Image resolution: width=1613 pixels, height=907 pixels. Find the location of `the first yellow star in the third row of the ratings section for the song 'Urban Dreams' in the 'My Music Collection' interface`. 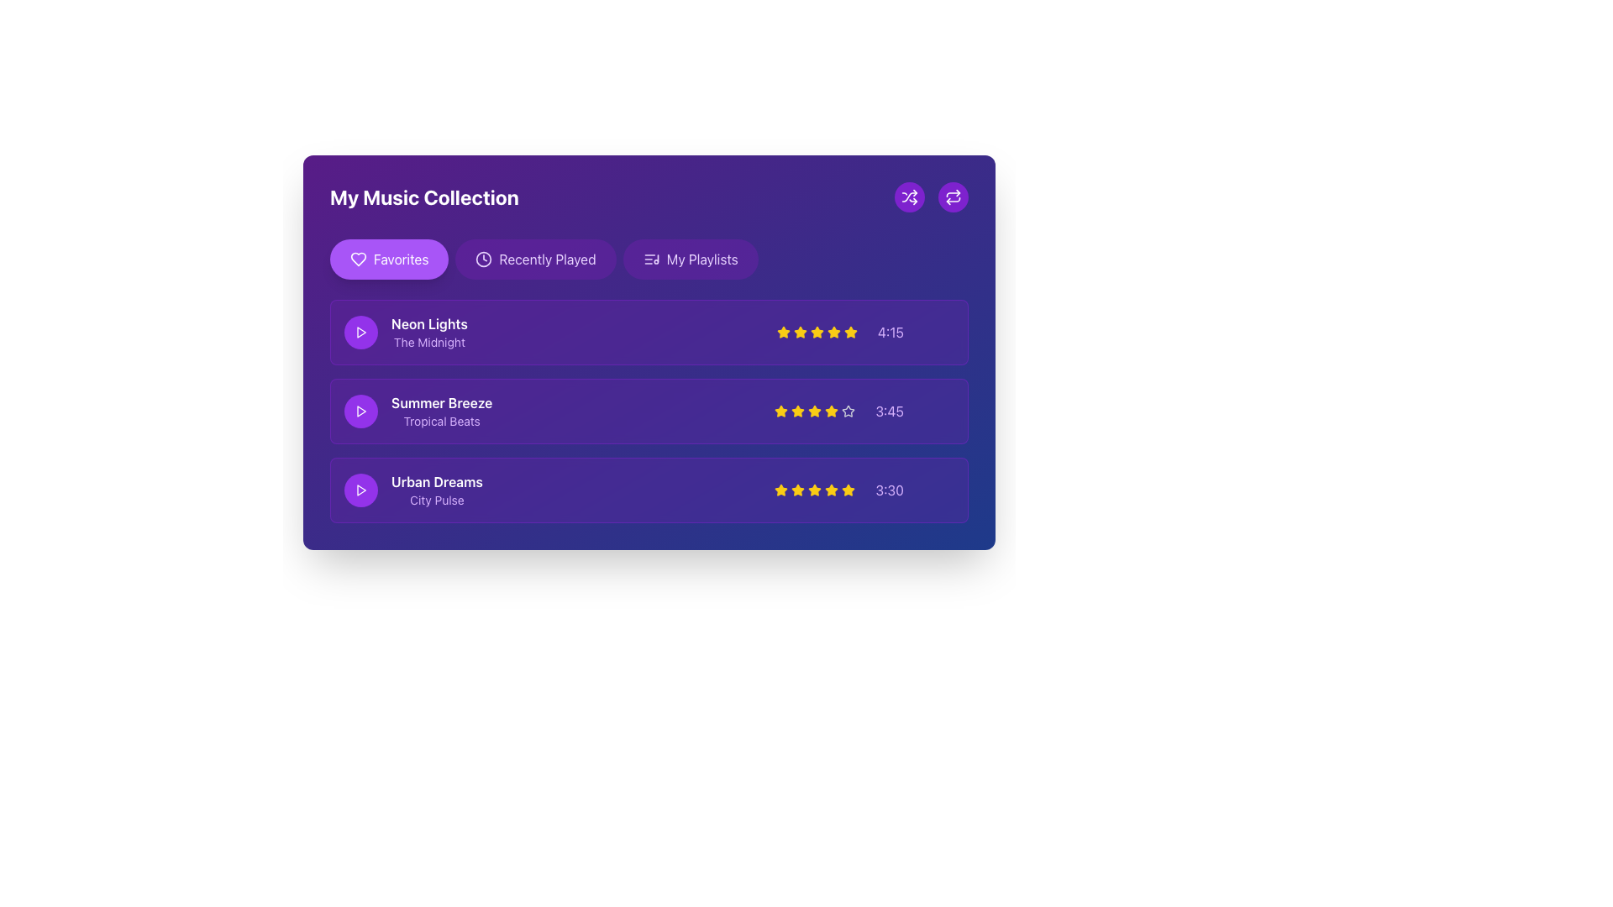

the first yellow star in the third row of the ratings section for the song 'Urban Dreams' in the 'My Music Collection' interface is located at coordinates (780, 490).